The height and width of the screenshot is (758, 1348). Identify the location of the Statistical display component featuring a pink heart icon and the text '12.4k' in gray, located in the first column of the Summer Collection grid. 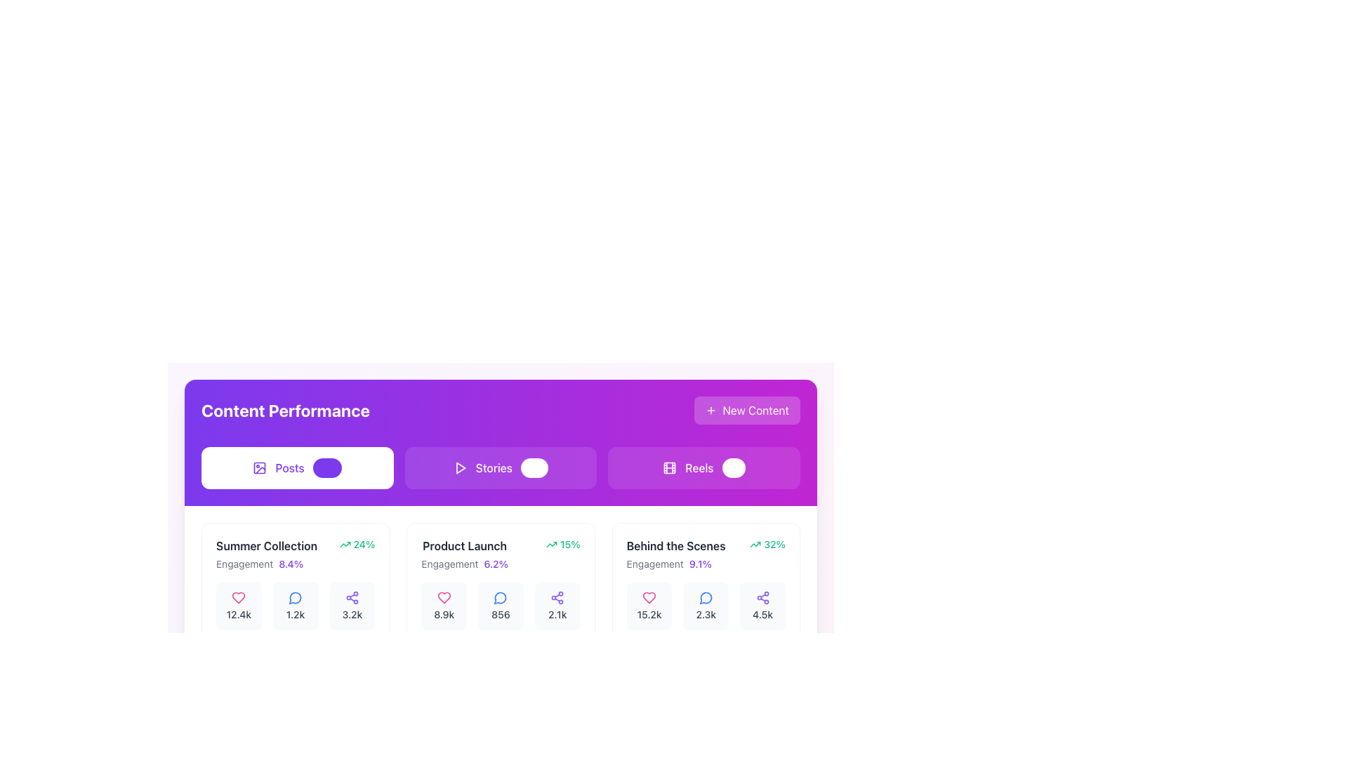
(239, 606).